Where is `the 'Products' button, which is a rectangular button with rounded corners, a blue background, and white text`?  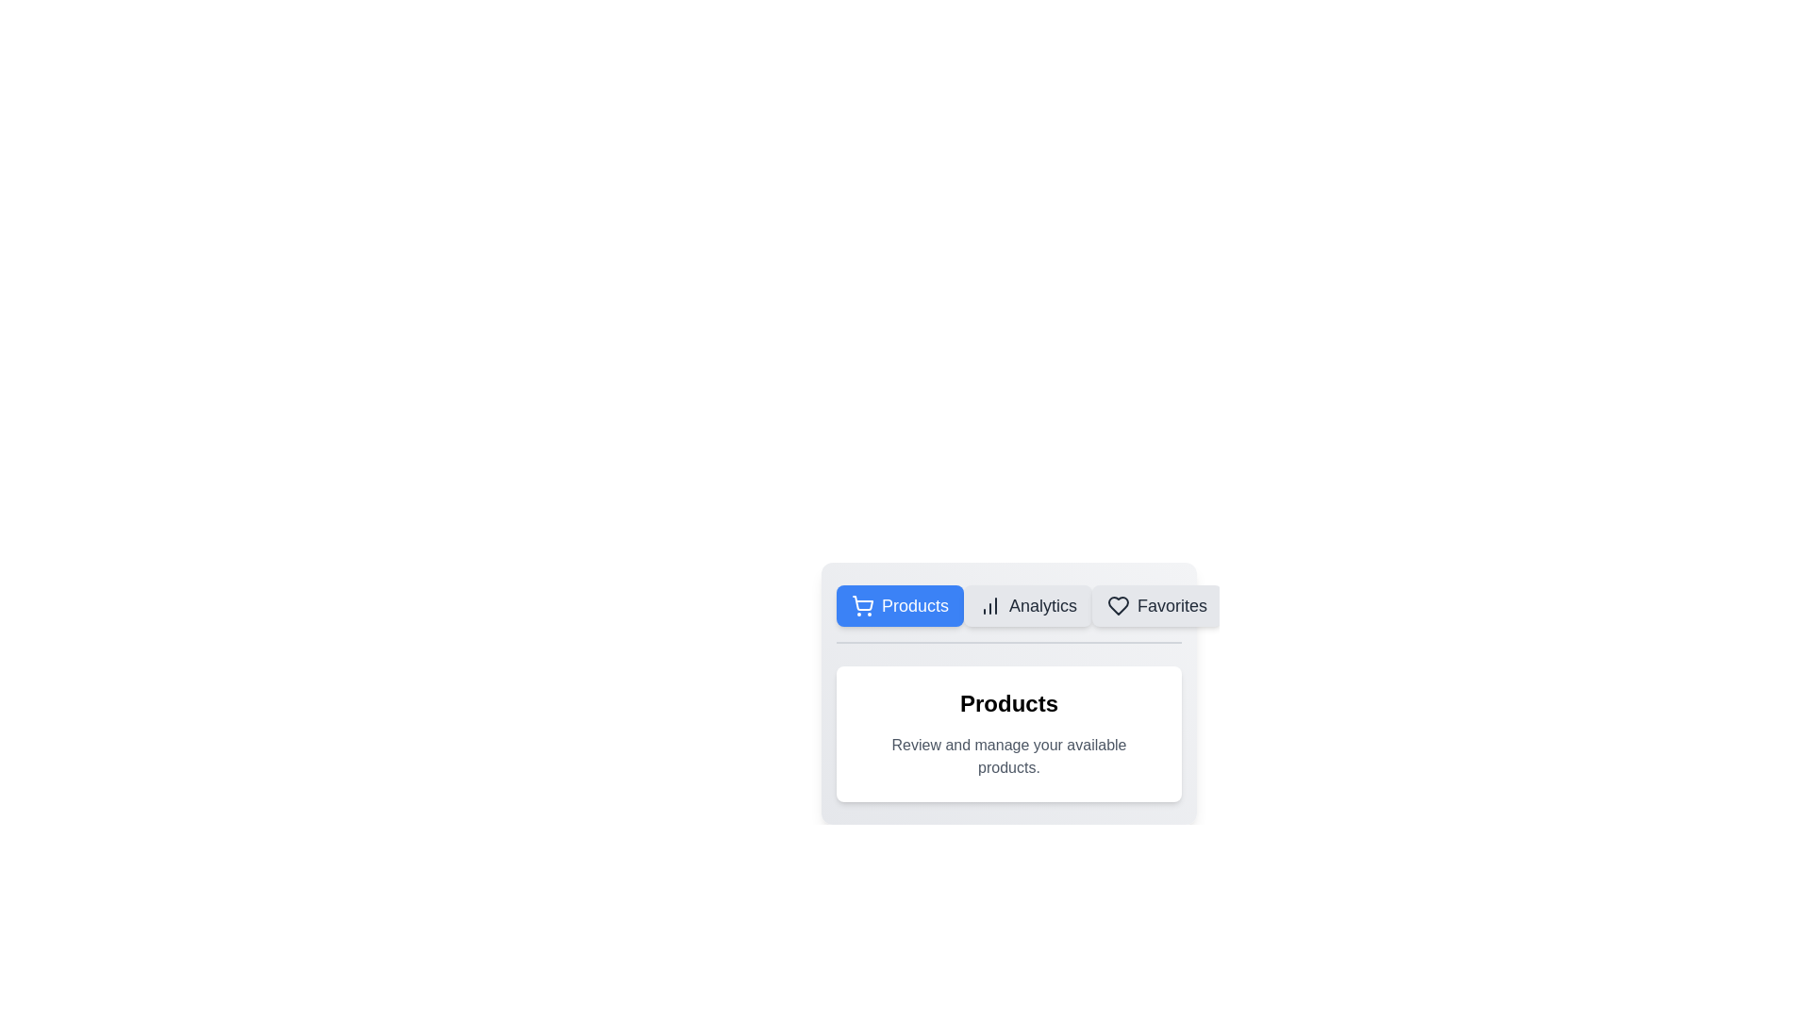 the 'Products' button, which is a rectangular button with rounded corners, a blue background, and white text is located at coordinates (899, 606).